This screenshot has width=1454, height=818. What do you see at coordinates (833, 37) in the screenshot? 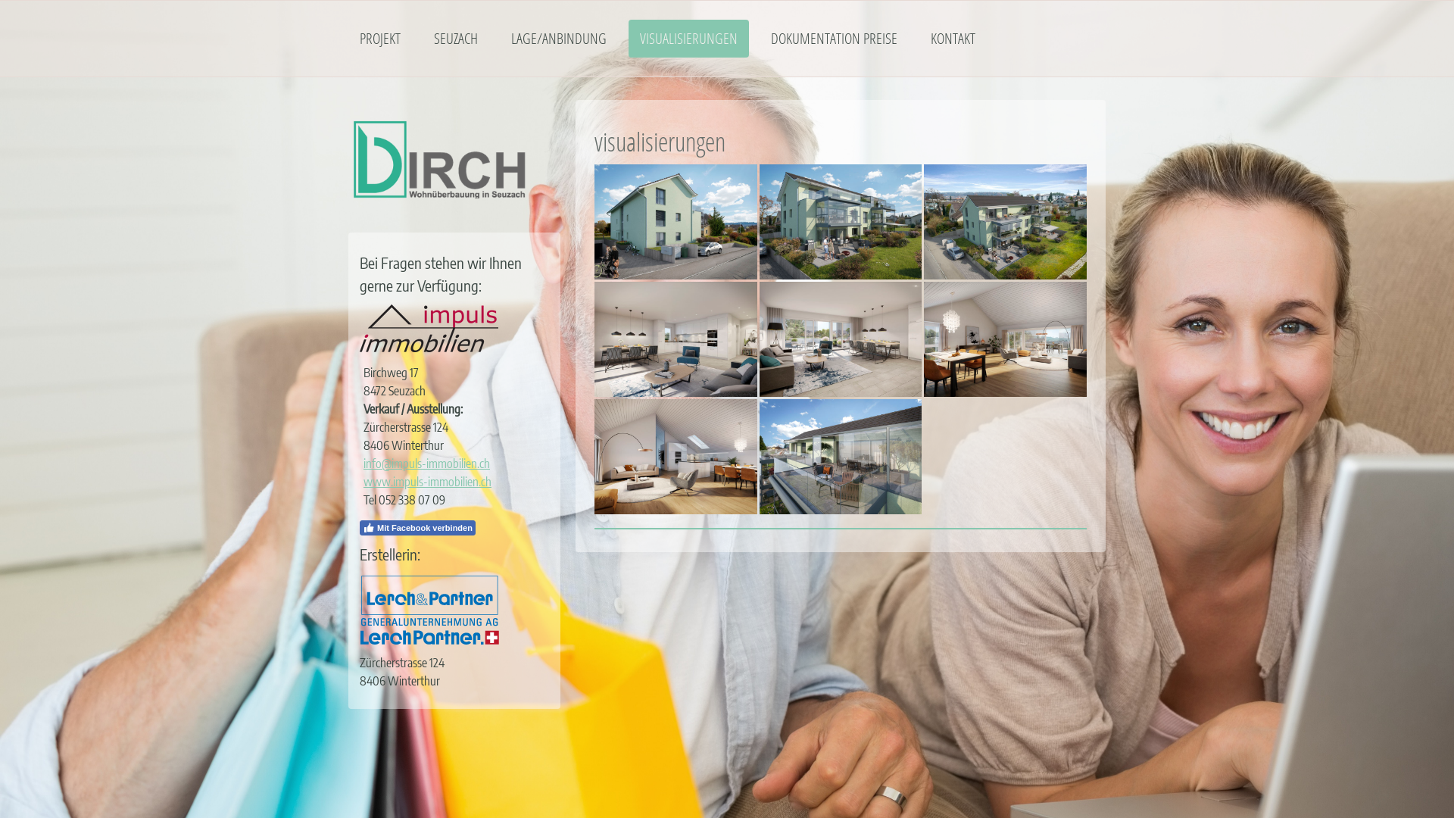
I see `'DOKUMENTATION PREISE'` at bounding box center [833, 37].